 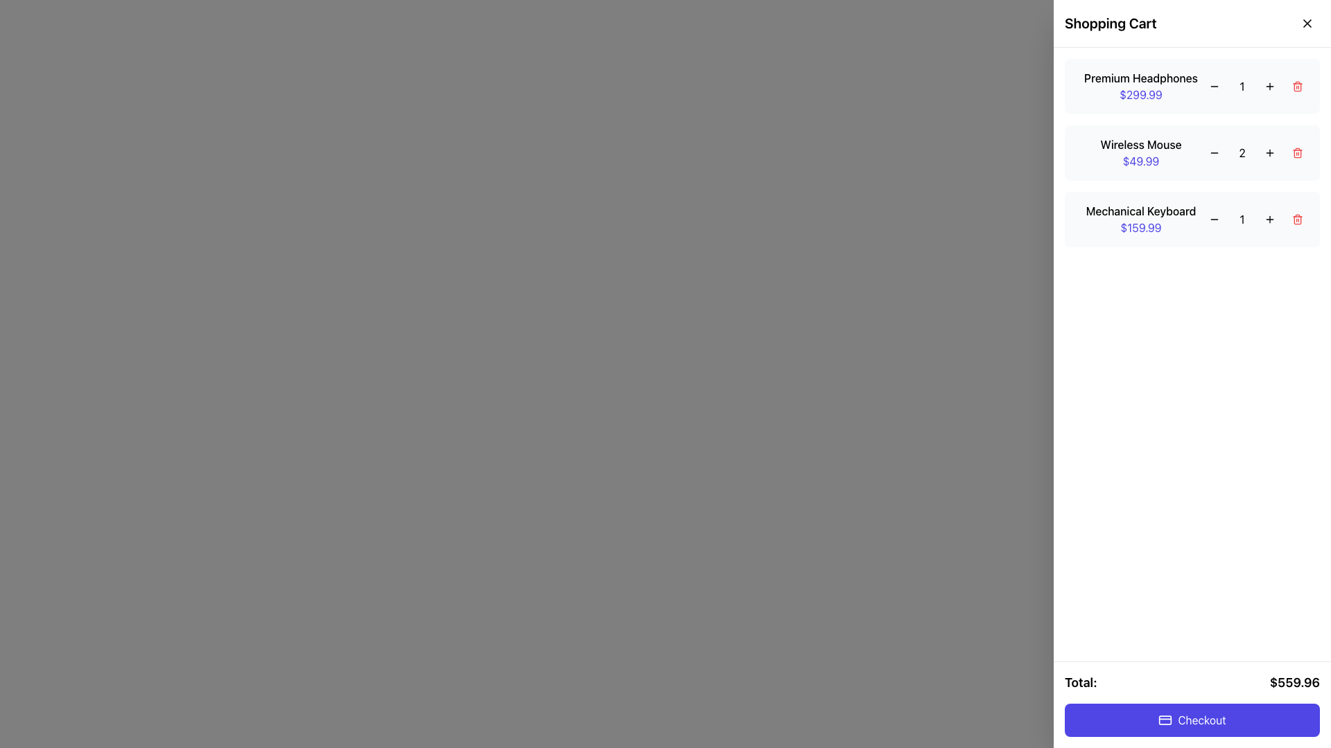 I want to click on the circular minus button with a minus icon in the shopping cart interface for the product 'Wireless Mouse', so click(x=1214, y=152).